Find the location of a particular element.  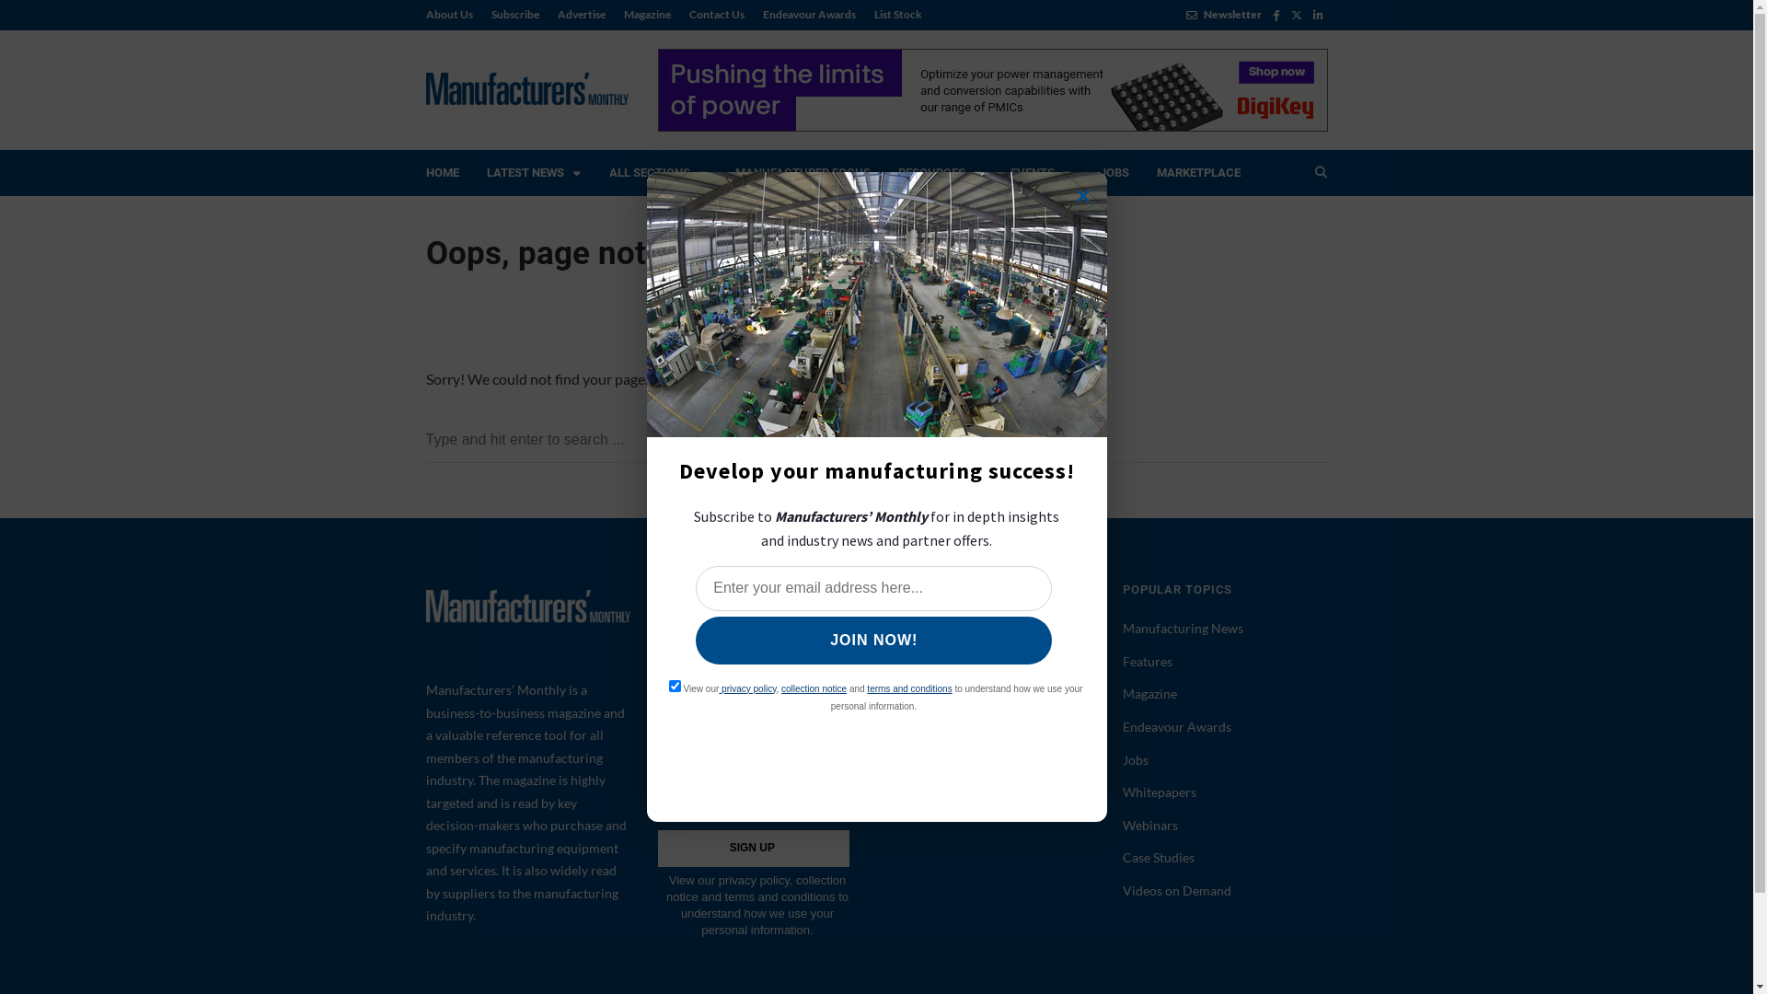

'LATEST NEWS' is located at coordinates (533, 173).